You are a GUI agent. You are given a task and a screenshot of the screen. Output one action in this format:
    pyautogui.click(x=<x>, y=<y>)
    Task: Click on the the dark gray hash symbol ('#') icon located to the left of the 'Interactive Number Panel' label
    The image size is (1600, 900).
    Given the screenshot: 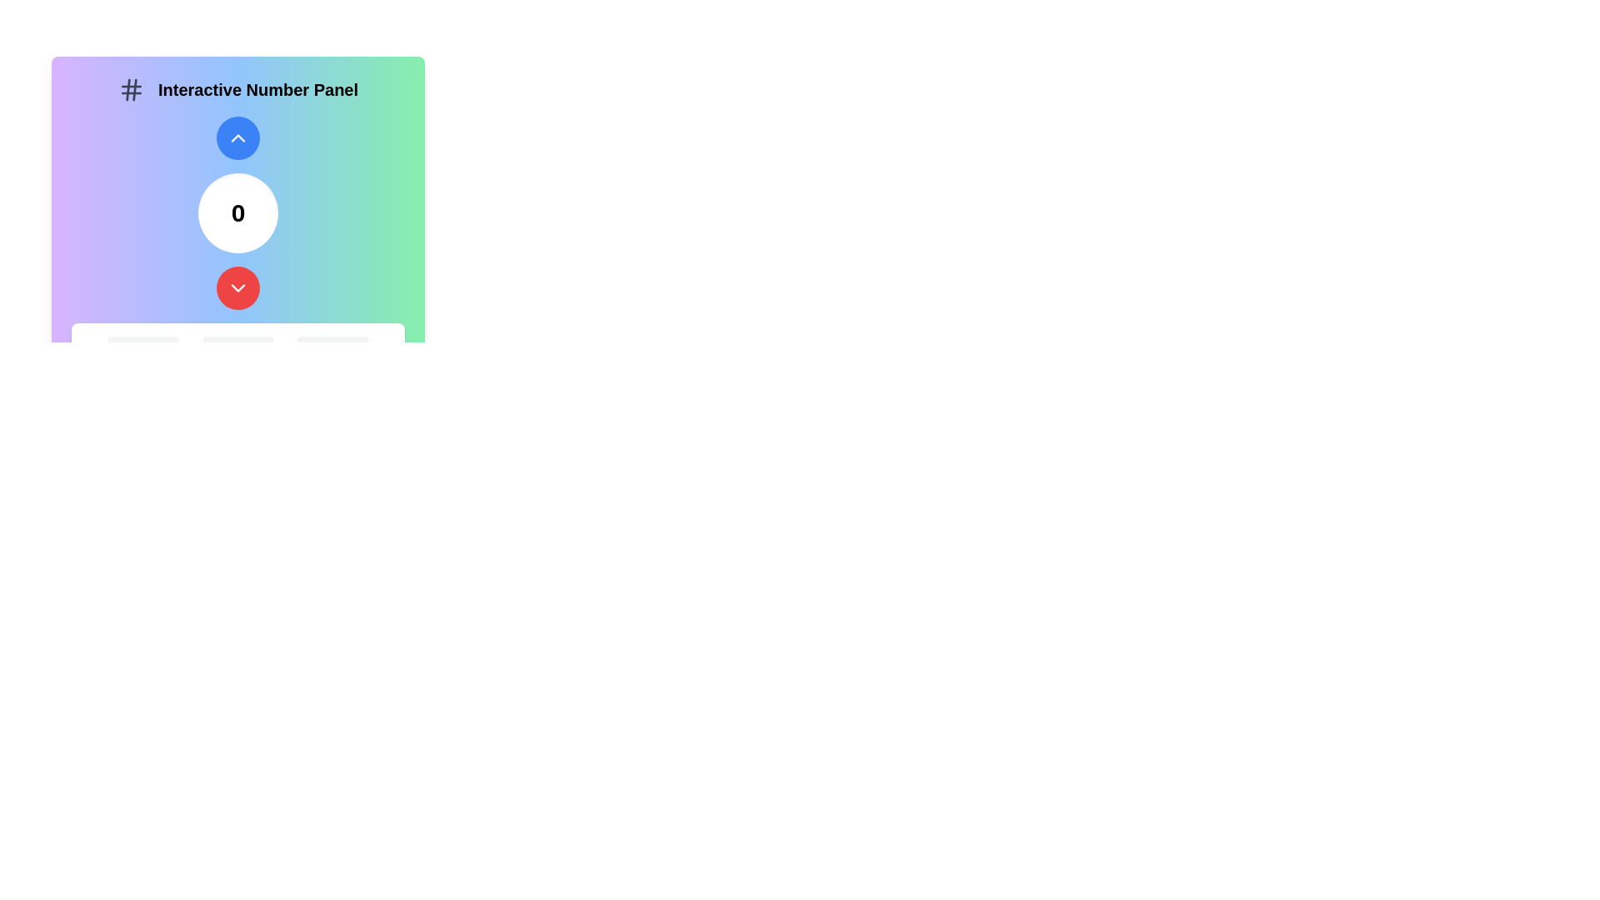 What is the action you would take?
    pyautogui.click(x=131, y=90)
    